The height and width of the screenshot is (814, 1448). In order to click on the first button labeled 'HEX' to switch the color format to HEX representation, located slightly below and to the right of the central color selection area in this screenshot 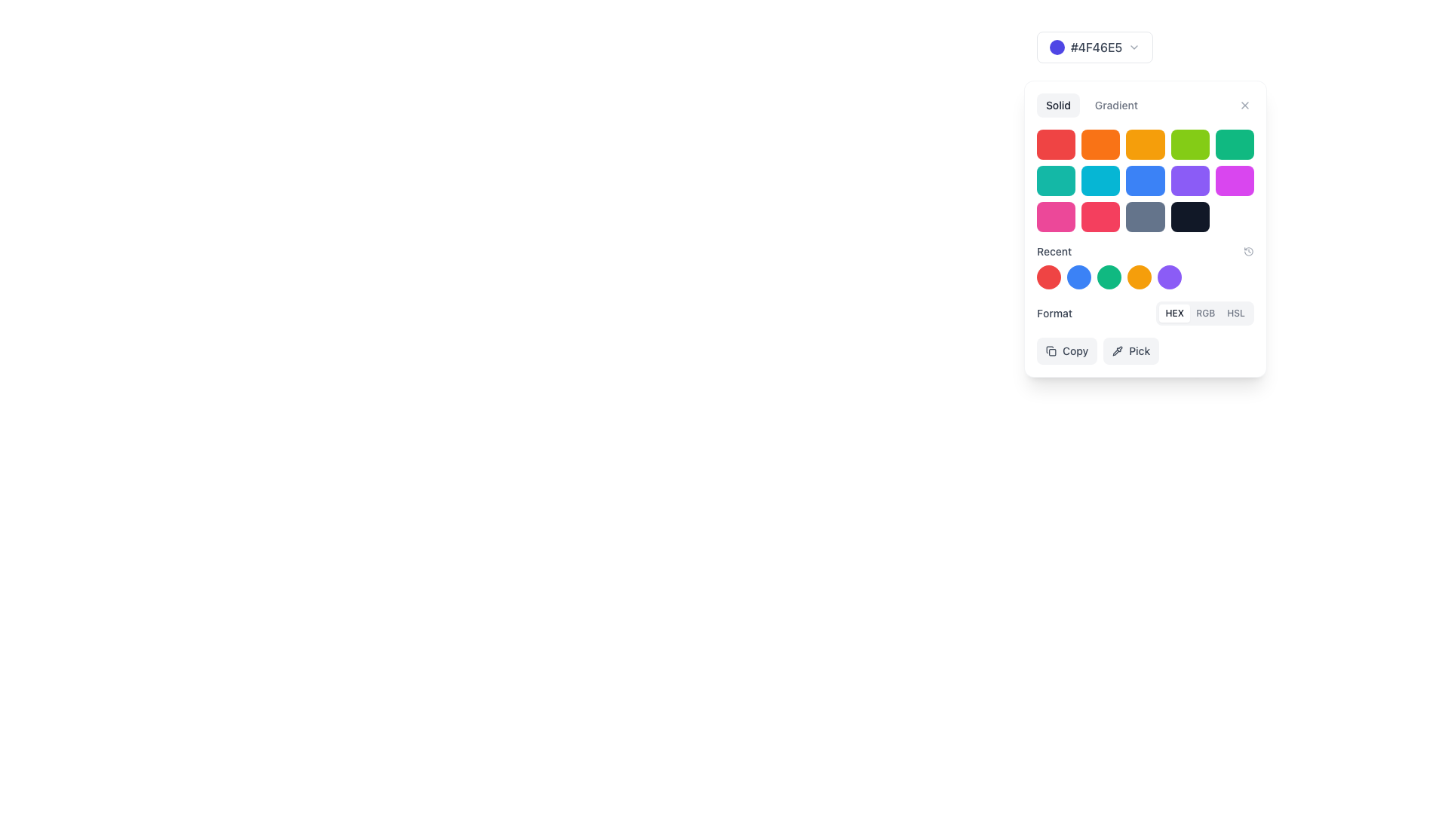, I will do `click(1173, 313)`.